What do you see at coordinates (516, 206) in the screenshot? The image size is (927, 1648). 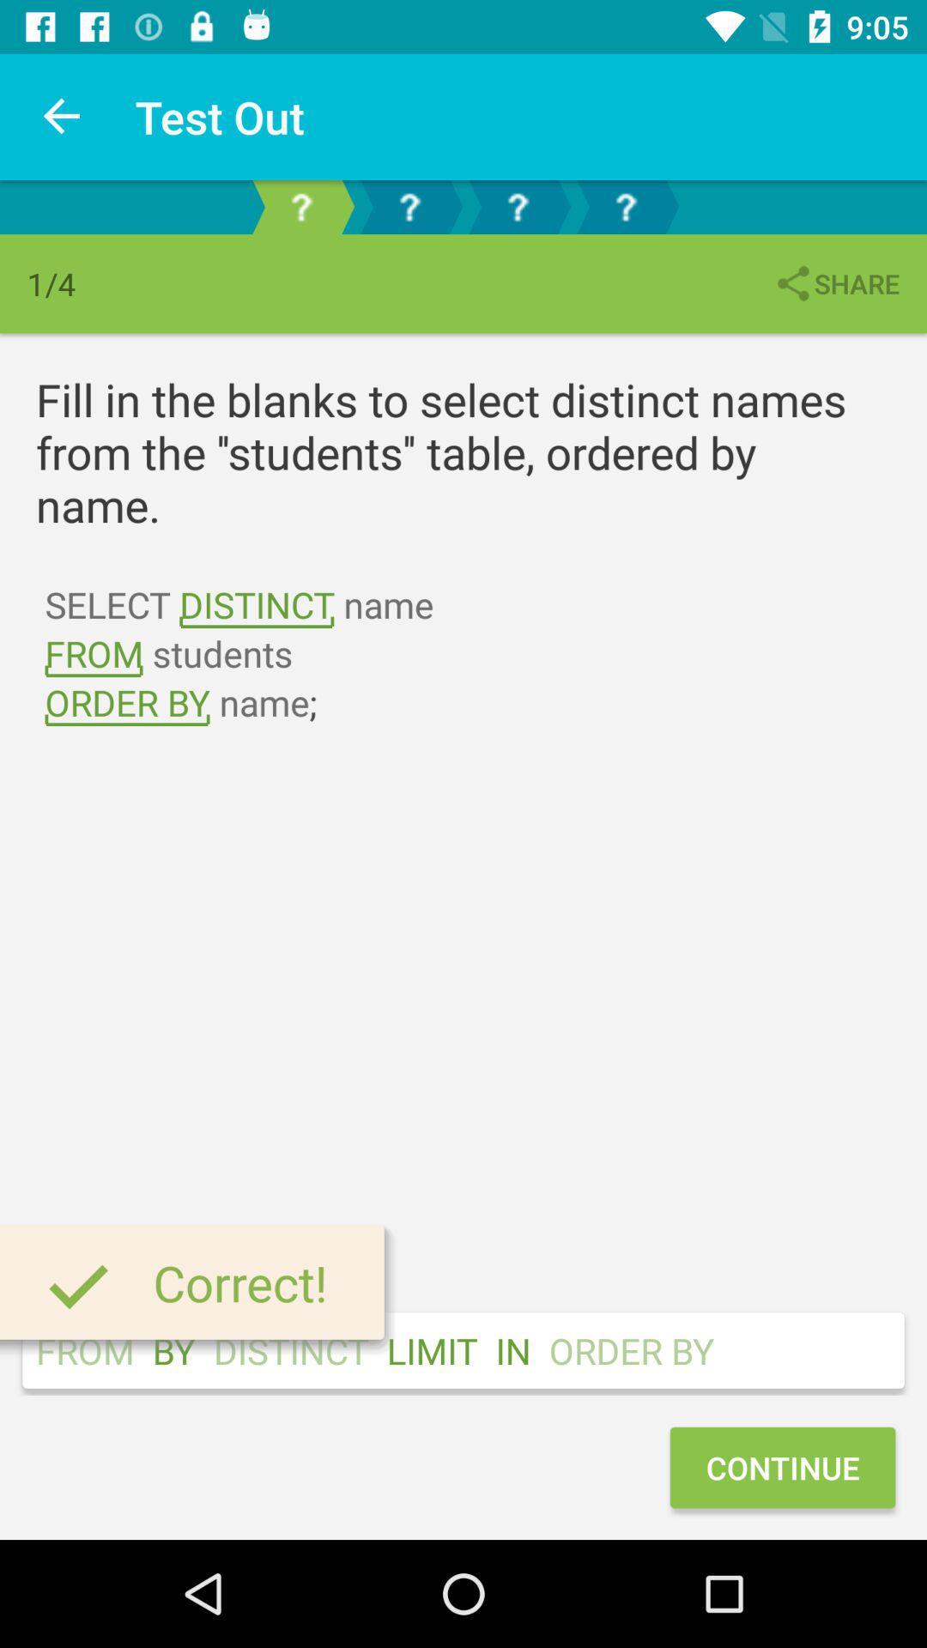 I see `page 3` at bounding box center [516, 206].